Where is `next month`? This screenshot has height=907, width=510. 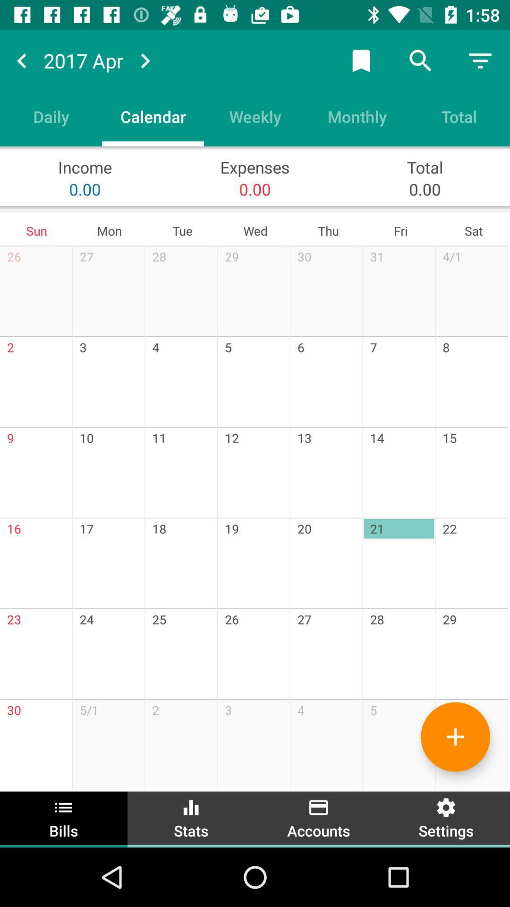 next month is located at coordinates (145, 60).